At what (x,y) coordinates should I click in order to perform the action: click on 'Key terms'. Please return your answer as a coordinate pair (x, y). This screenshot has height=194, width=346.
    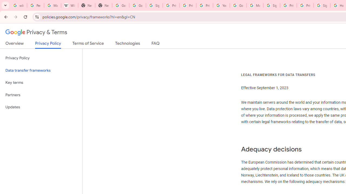
    Looking at the image, I should click on (41, 82).